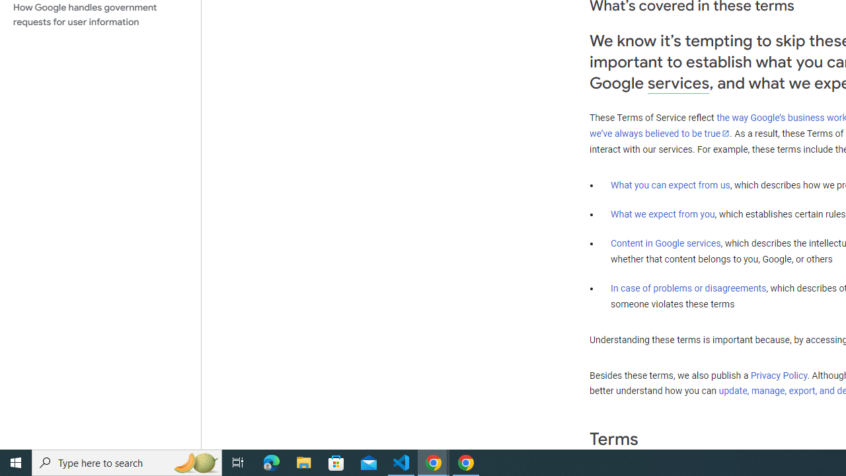 The height and width of the screenshot is (476, 846). What do you see at coordinates (666, 243) in the screenshot?
I see `'Content in Google services'` at bounding box center [666, 243].